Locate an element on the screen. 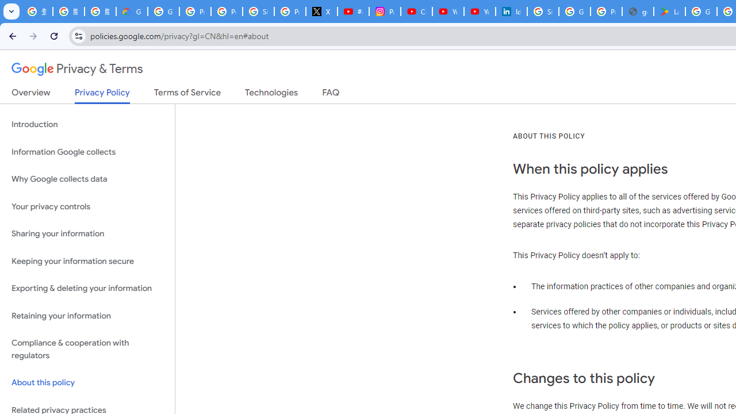 This screenshot has width=736, height=414. 'Last Shelter: Survival - Apps on Google Play' is located at coordinates (669, 11).